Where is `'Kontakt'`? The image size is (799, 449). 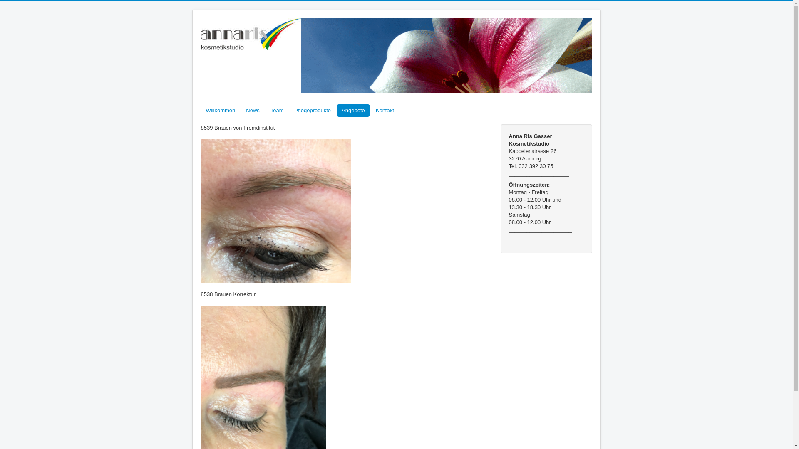
'Kontakt' is located at coordinates (385, 110).